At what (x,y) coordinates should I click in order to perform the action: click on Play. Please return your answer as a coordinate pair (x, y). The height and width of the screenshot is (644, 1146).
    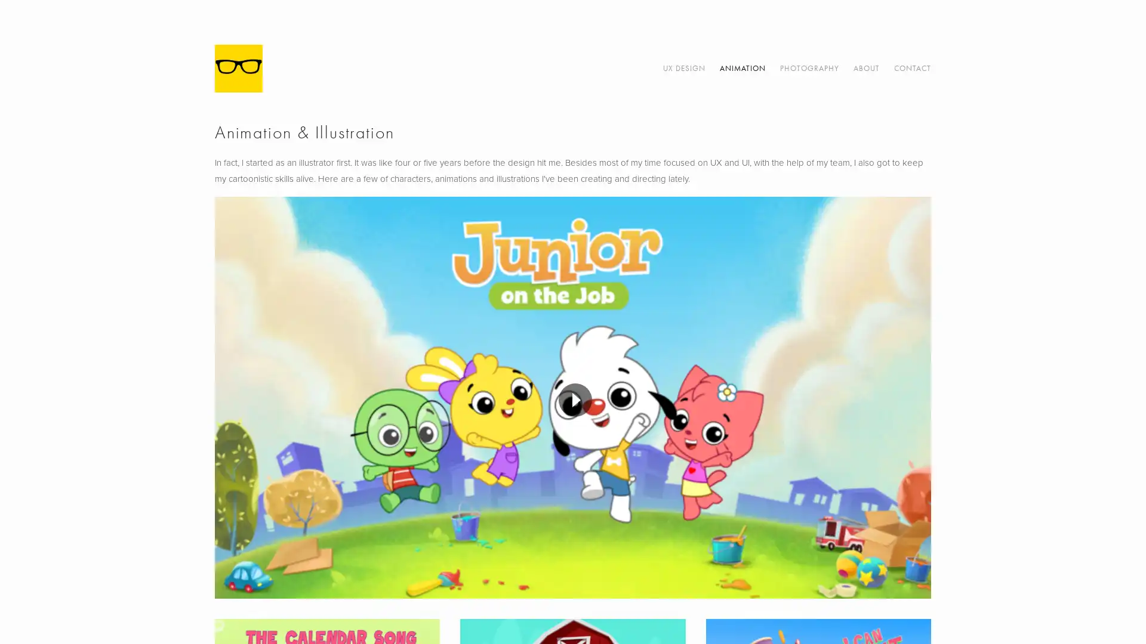
    Looking at the image, I should click on (575, 400).